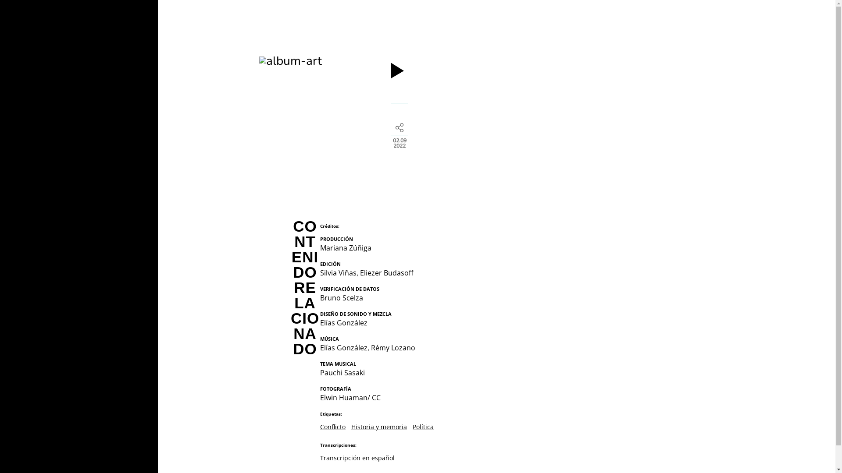  Describe the element at coordinates (351, 426) in the screenshot. I see `'Historia y memoria'` at that location.